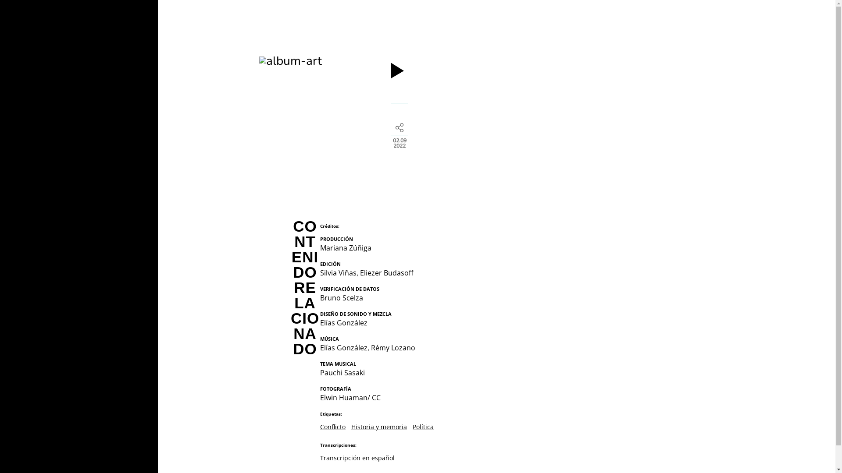  Describe the element at coordinates (351, 426) in the screenshot. I see `'Historia y memoria'` at that location.